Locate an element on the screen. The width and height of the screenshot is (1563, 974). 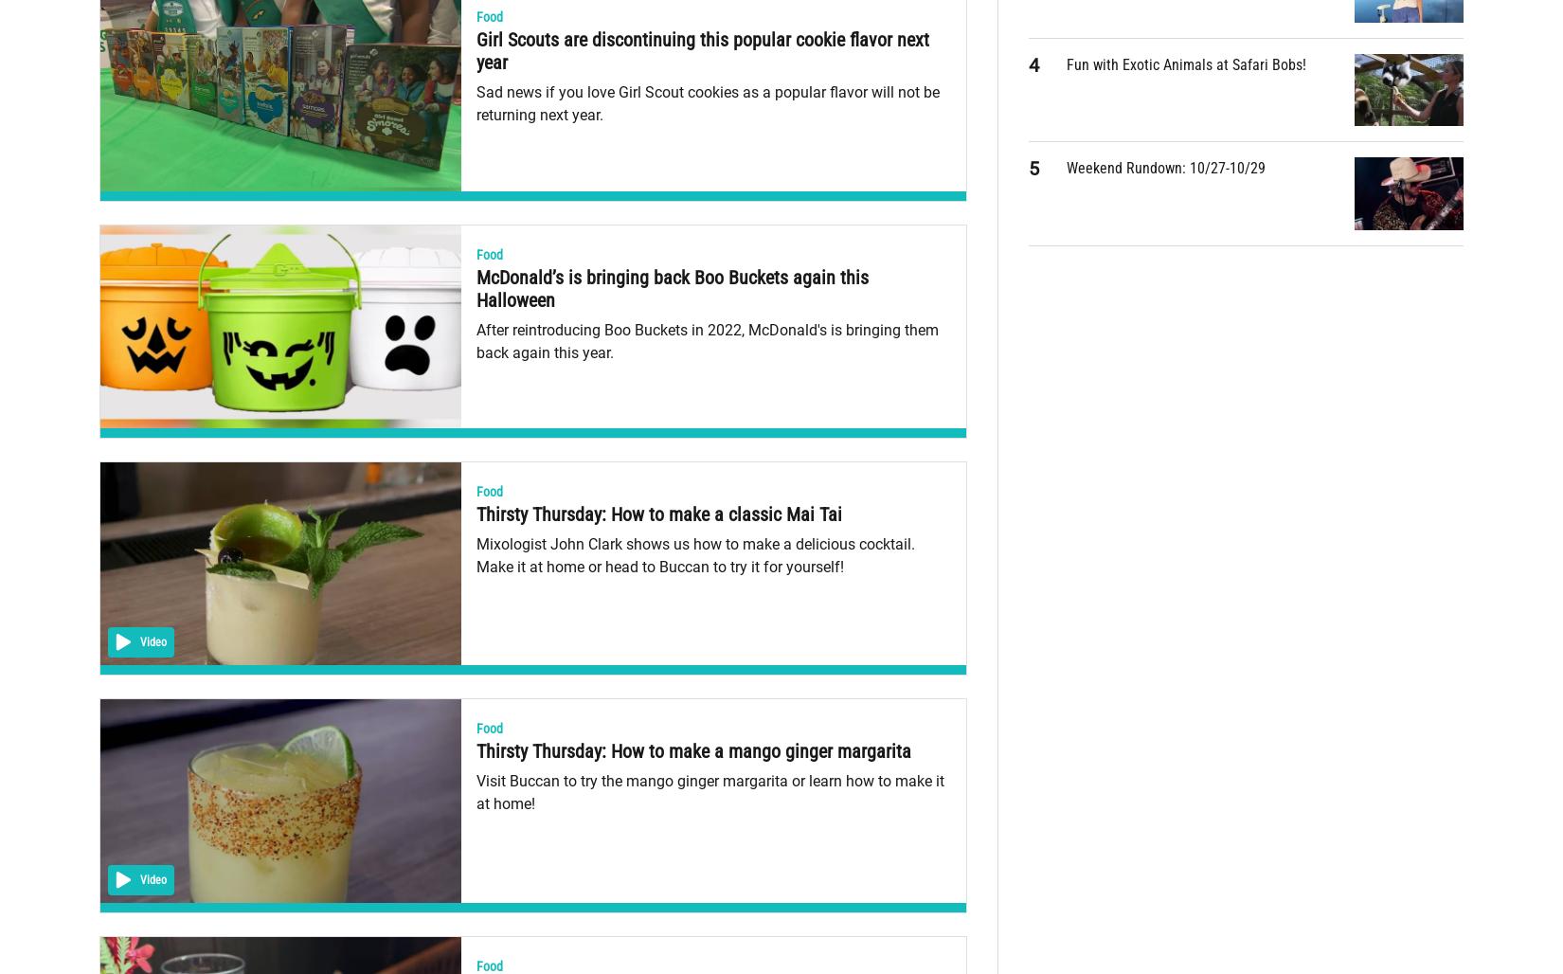
'Girl Scouts are discontinuing this popular cookie flavor next year' is located at coordinates (701, 50).